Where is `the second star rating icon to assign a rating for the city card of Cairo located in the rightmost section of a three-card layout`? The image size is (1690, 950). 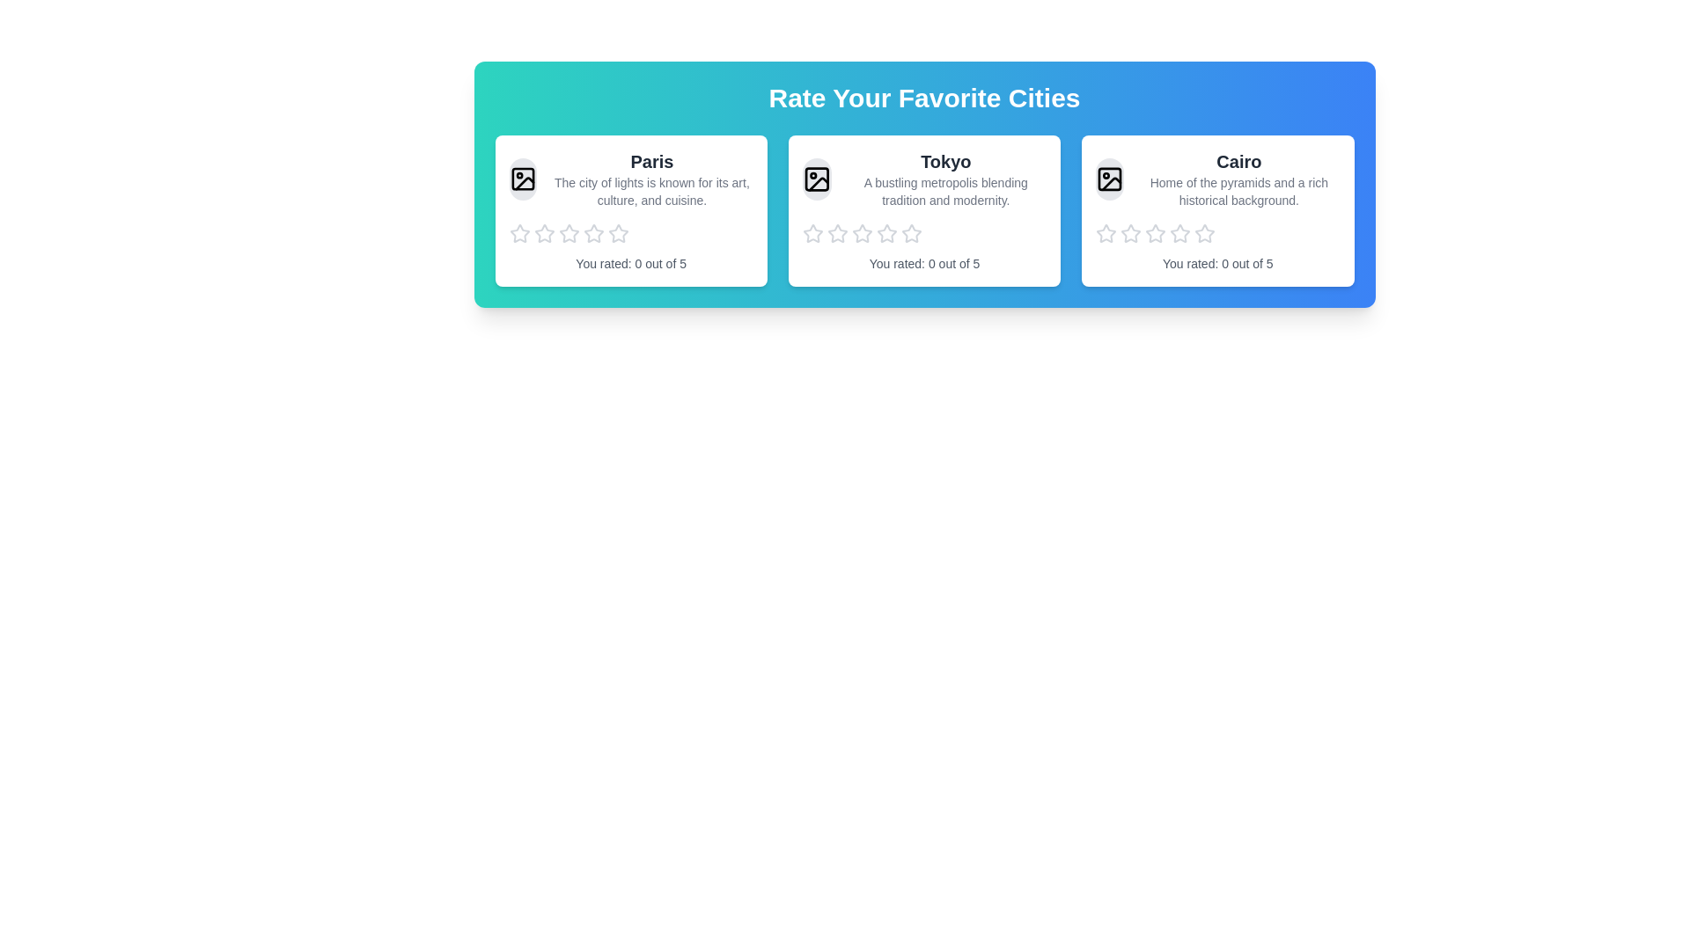 the second star rating icon to assign a rating for the city card of Cairo located in the rightmost section of a three-card layout is located at coordinates (1156, 232).